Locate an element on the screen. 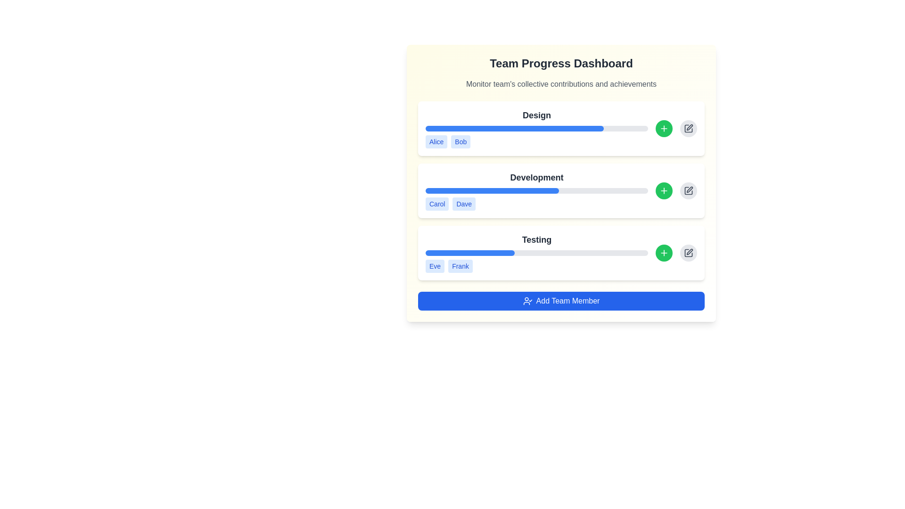  the small rectangular icon depicting a pen or pencil located on the far right of the 'Design' section in the dashboard card is located at coordinates (688, 129).